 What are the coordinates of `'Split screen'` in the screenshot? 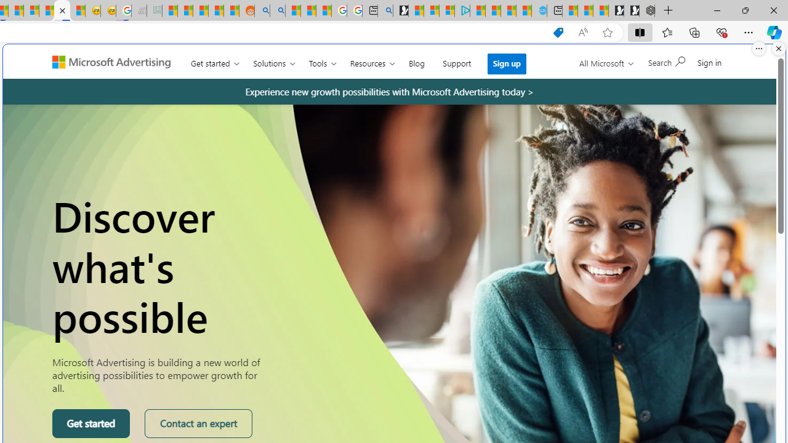 It's located at (640, 31).